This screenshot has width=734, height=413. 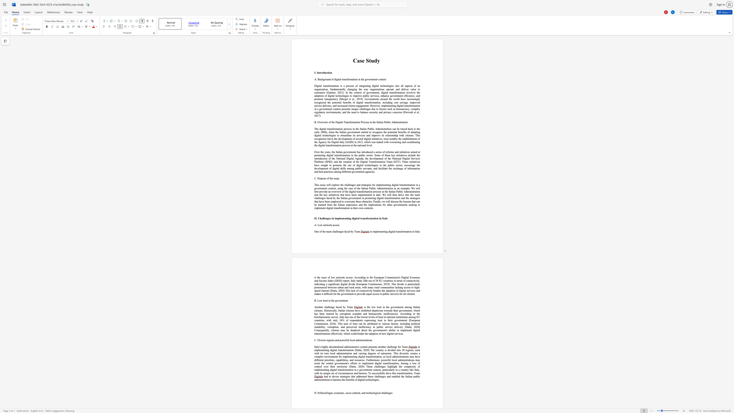 I want to click on the 26th character "e" in the text, so click(x=390, y=320).